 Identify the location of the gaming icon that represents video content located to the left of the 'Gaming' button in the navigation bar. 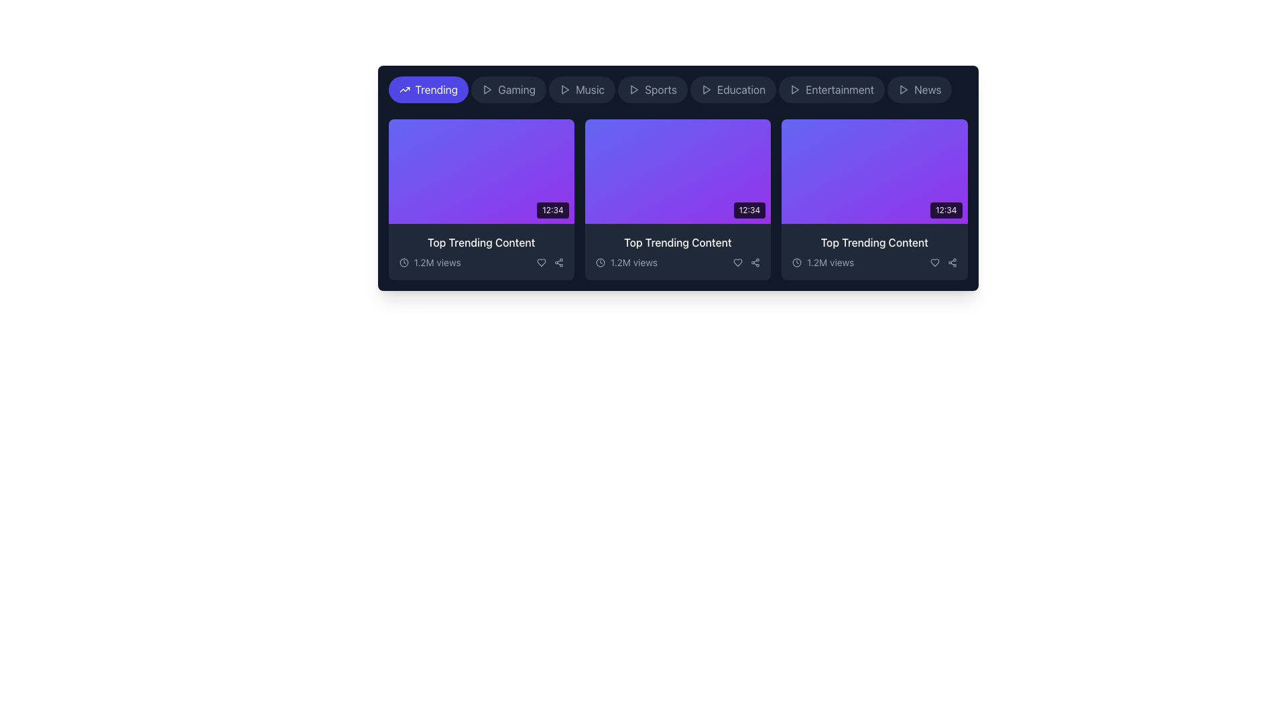
(486, 90).